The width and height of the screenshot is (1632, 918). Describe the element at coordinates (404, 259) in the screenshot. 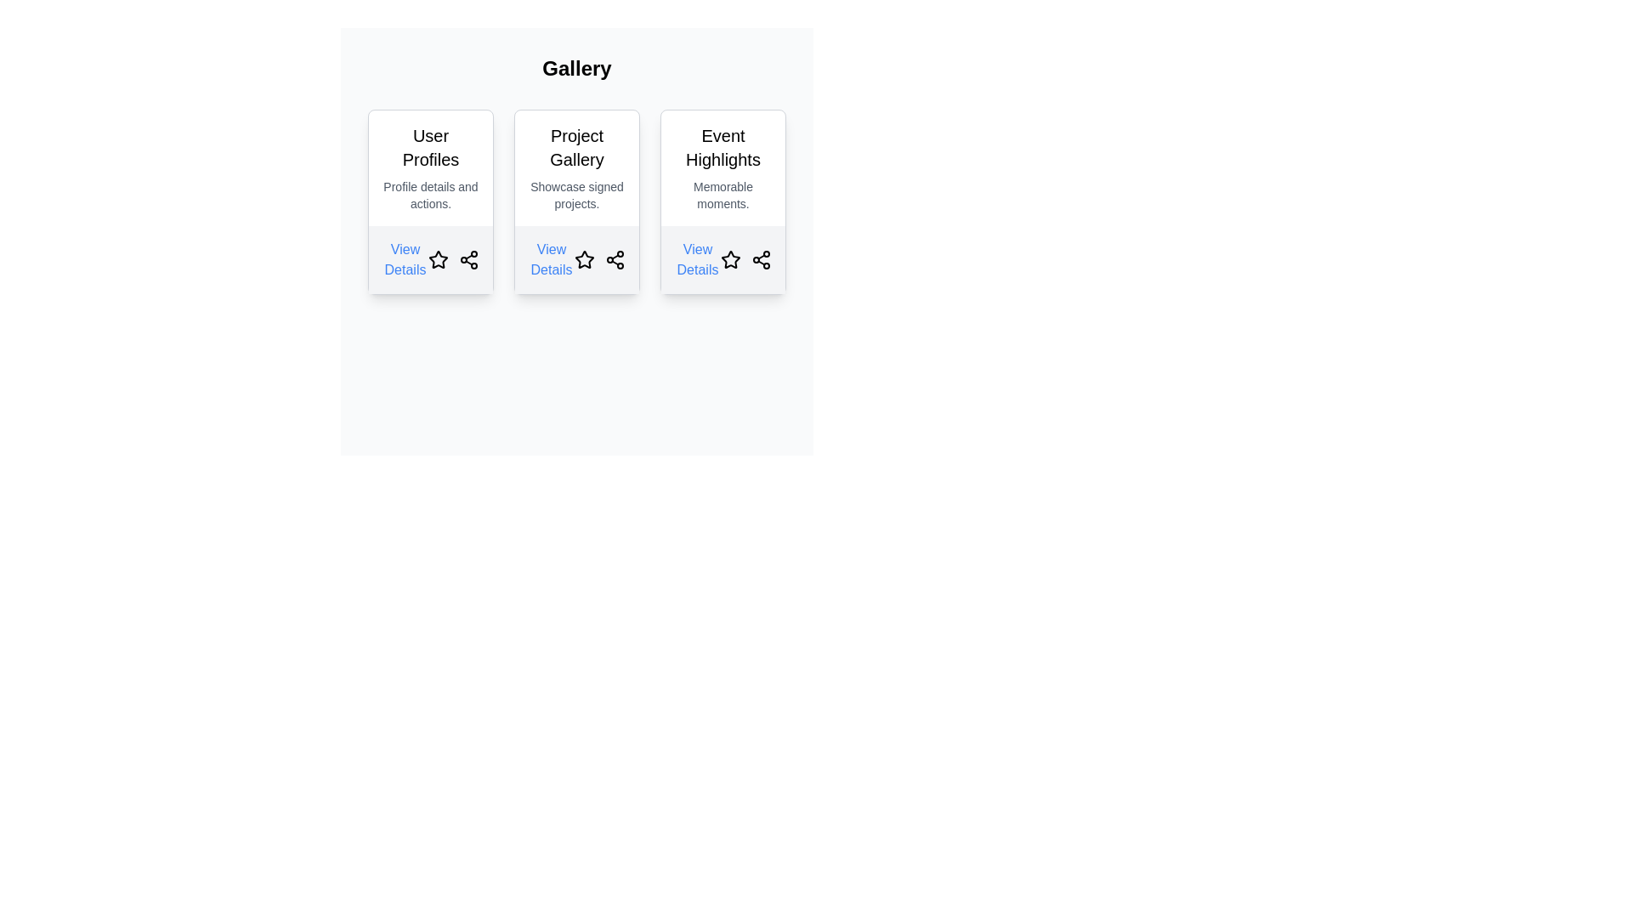

I see `the blue hyperlink text 'View Details' located in the bottom left corner of the 'User Profiles' card to observe the underline effect` at that location.